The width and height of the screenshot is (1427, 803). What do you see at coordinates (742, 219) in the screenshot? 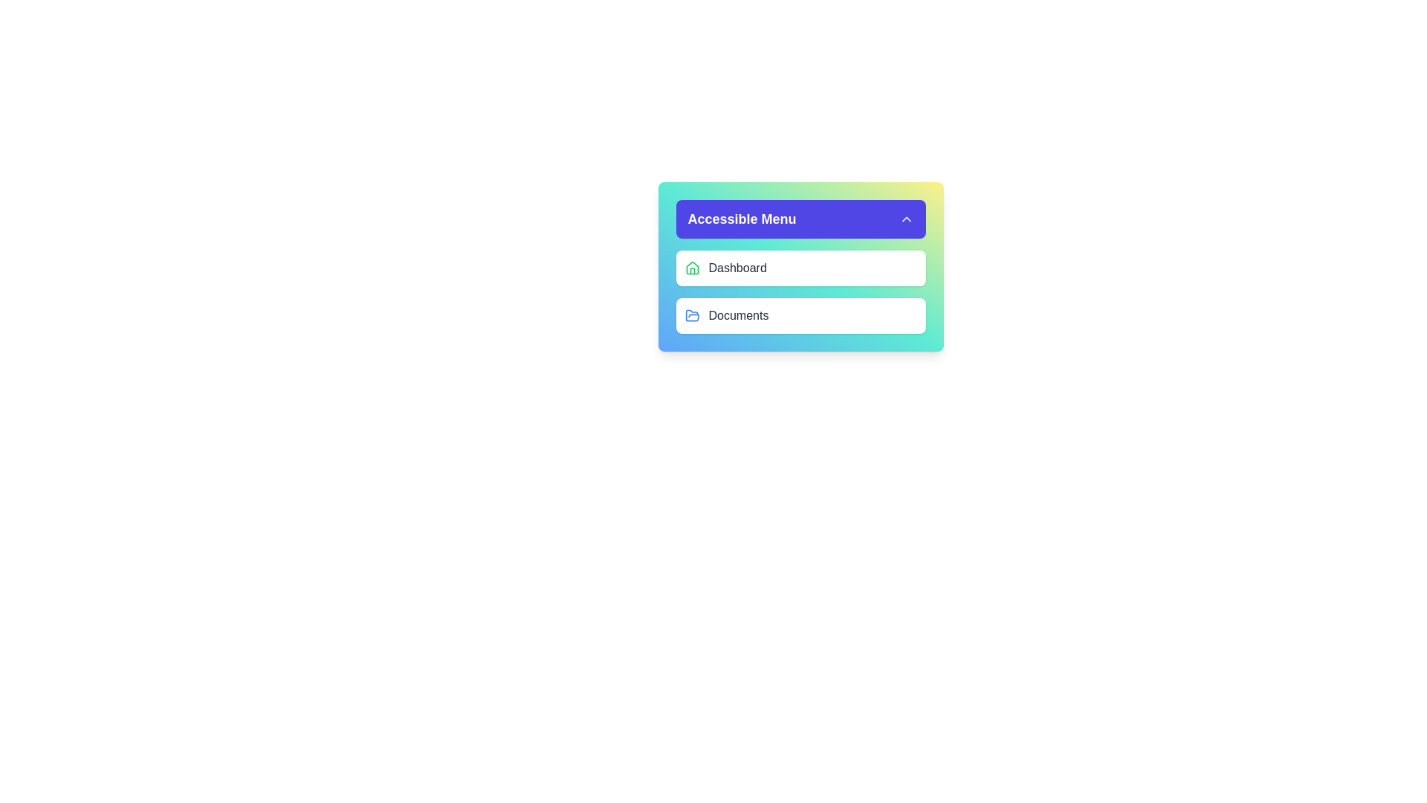
I see `the 'Accessible Menu' text label, which is positioned at the left side of the dropdown menu header next to an upward arrow icon` at bounding box center [742, 219].